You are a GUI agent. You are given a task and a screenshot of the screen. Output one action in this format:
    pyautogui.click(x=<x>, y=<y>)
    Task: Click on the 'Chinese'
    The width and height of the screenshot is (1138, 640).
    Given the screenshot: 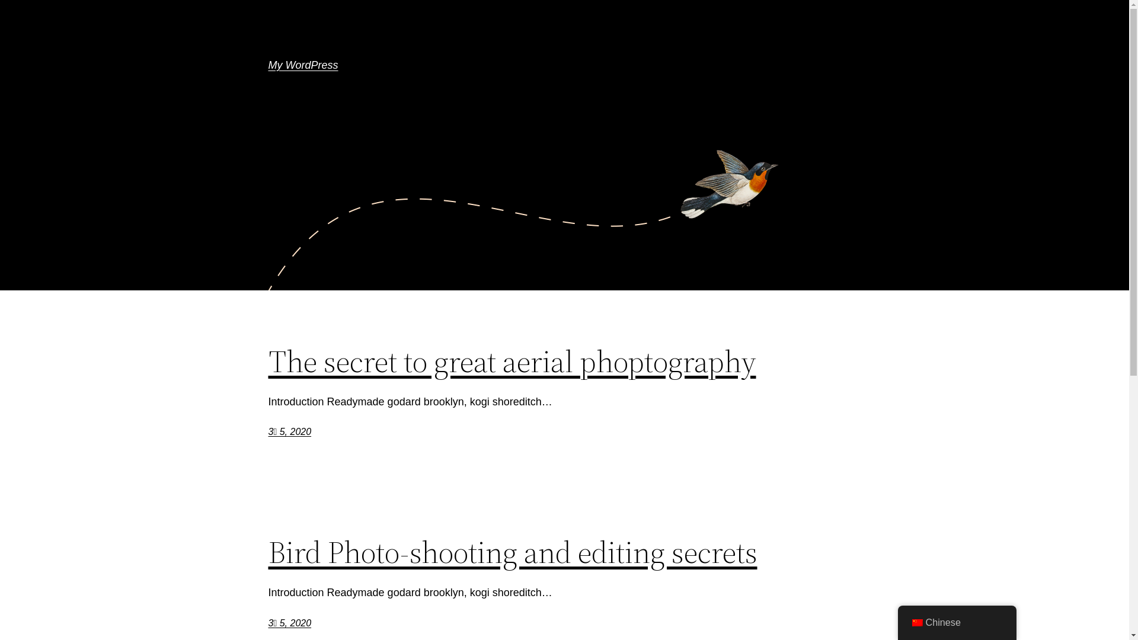 What is the action you would take?
    pyautogui.click(x=956, y=622)
    